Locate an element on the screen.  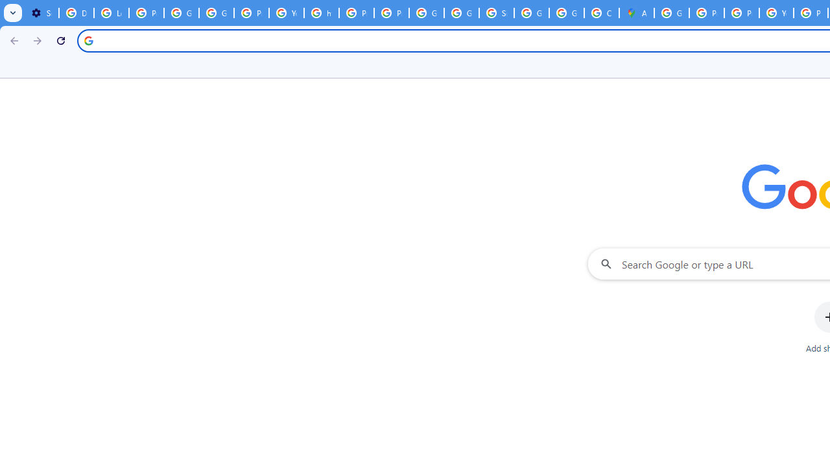
'Privacy Help Center - Policies Help' is located at coordinates (705, 13).